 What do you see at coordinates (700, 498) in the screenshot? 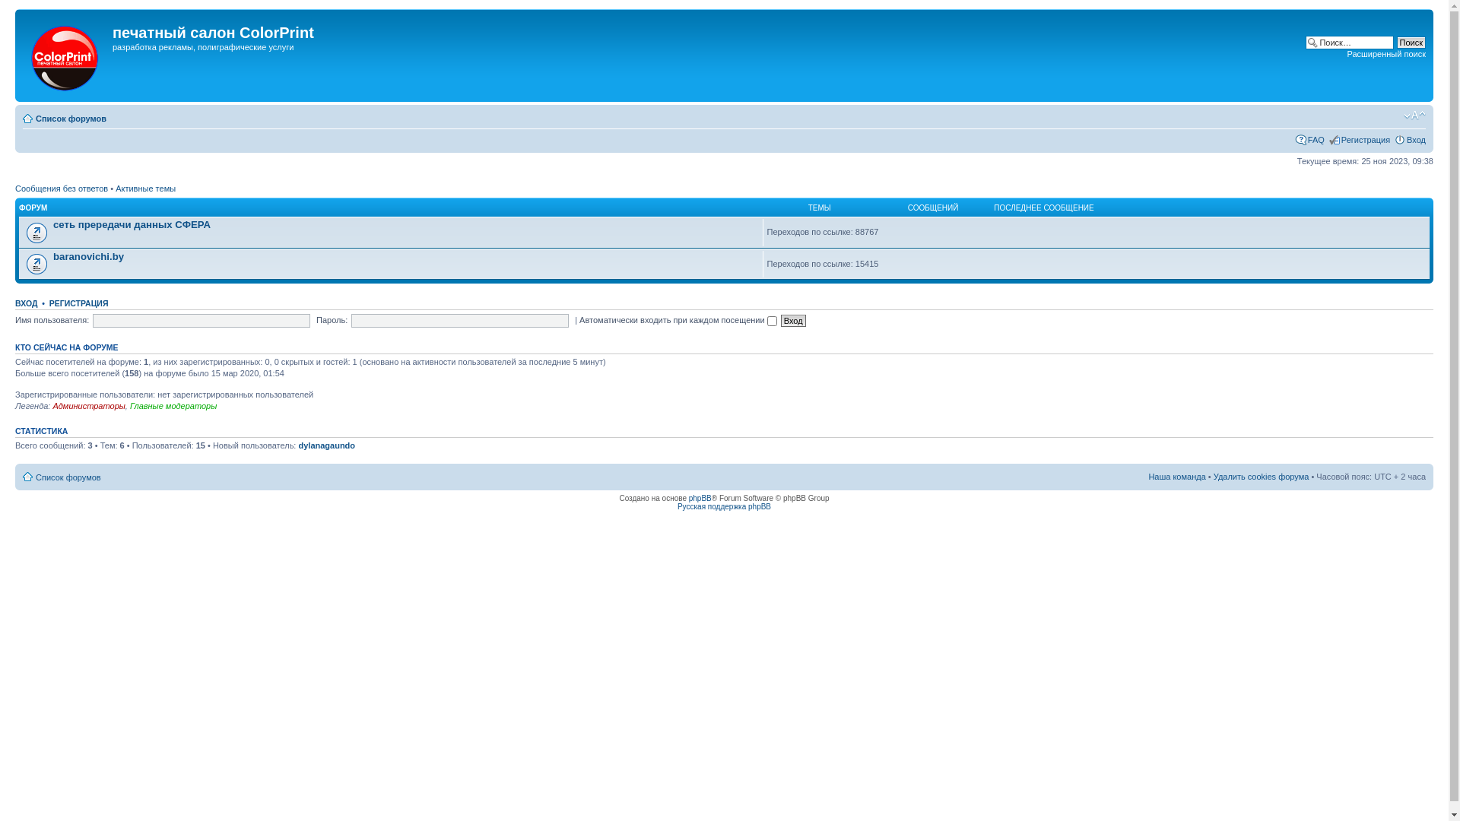
I see `'phpBB'` at bounding box center [700, 498].